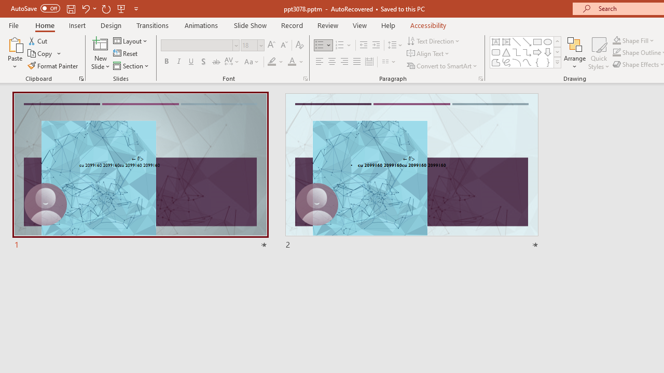 The width and height of the screenshot is (664, 373). What do you see at coordinates (537, 62) in the screenshot?
I see `'Left Brace'` at bounding box center [537, 62].